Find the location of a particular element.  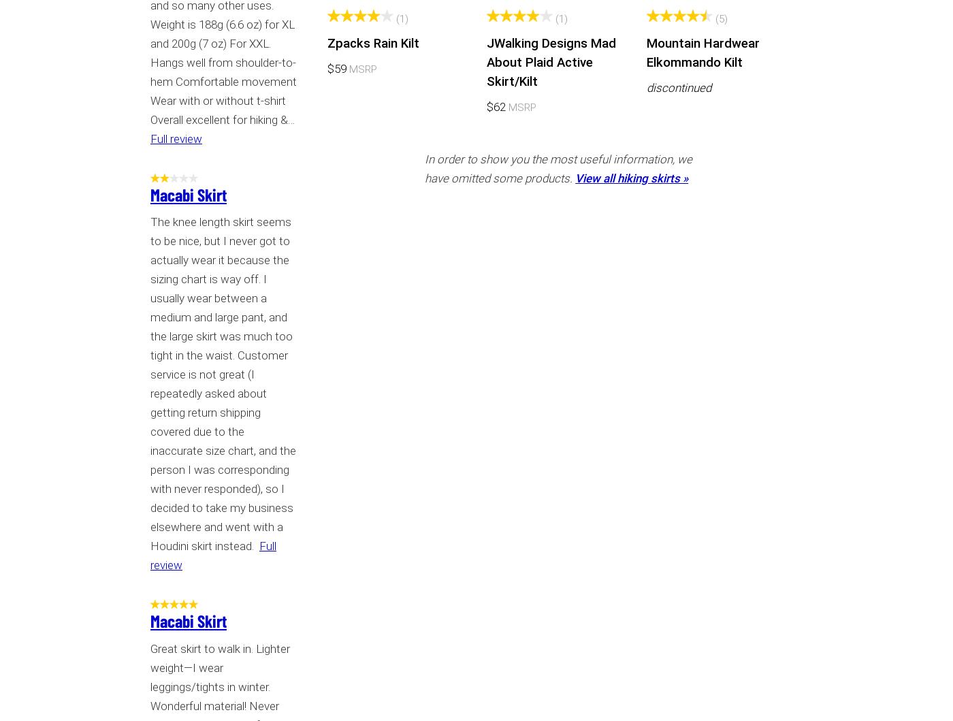

'$62' is located at coordinates (497, 105).